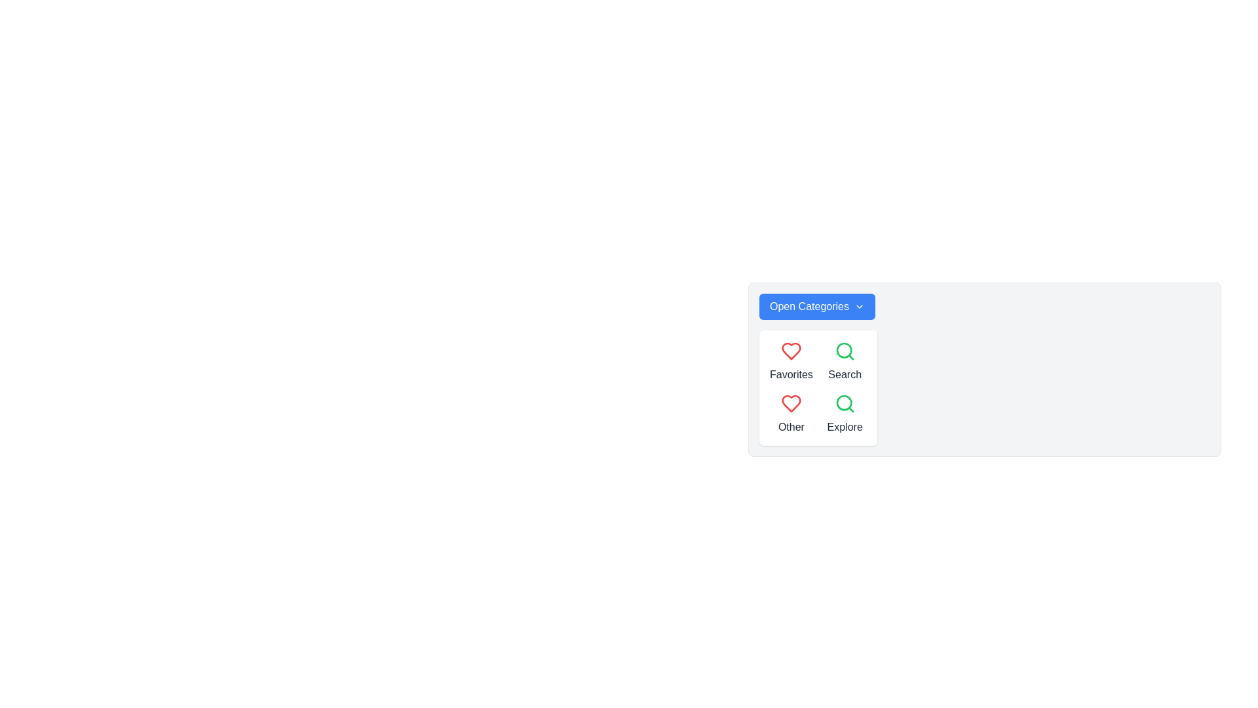 The width and height of the screenshot is (1258, 708). Describe the element at coordinates (845, 361) in the screenshot. I see `the 'Search' button located in the second column of the grid layout` at that location.